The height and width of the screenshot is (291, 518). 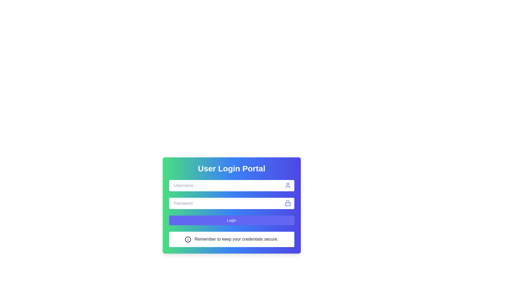 What do you see at coordinates (231, 220) in the screenshot?
I see `the login submission button to change its background color, which is positioned below the Password field and above an informational text line` at bounding box center [231, 220].